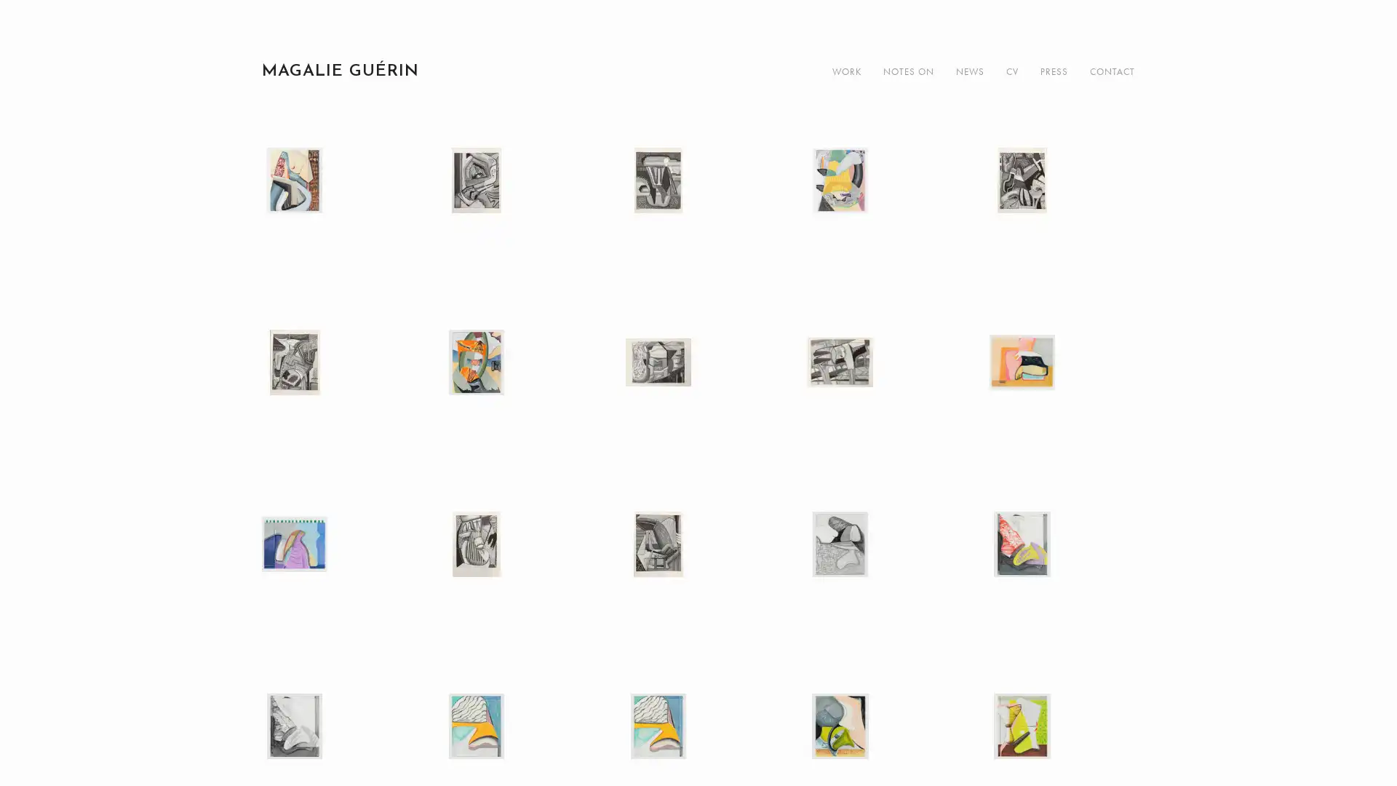 The image size is (1397, 786). What do you see at coordinates (517, 221) in the screenshot?
I see `View fullsize Small Copy Drawing 115, 2020` at bounding box center [517, 221].